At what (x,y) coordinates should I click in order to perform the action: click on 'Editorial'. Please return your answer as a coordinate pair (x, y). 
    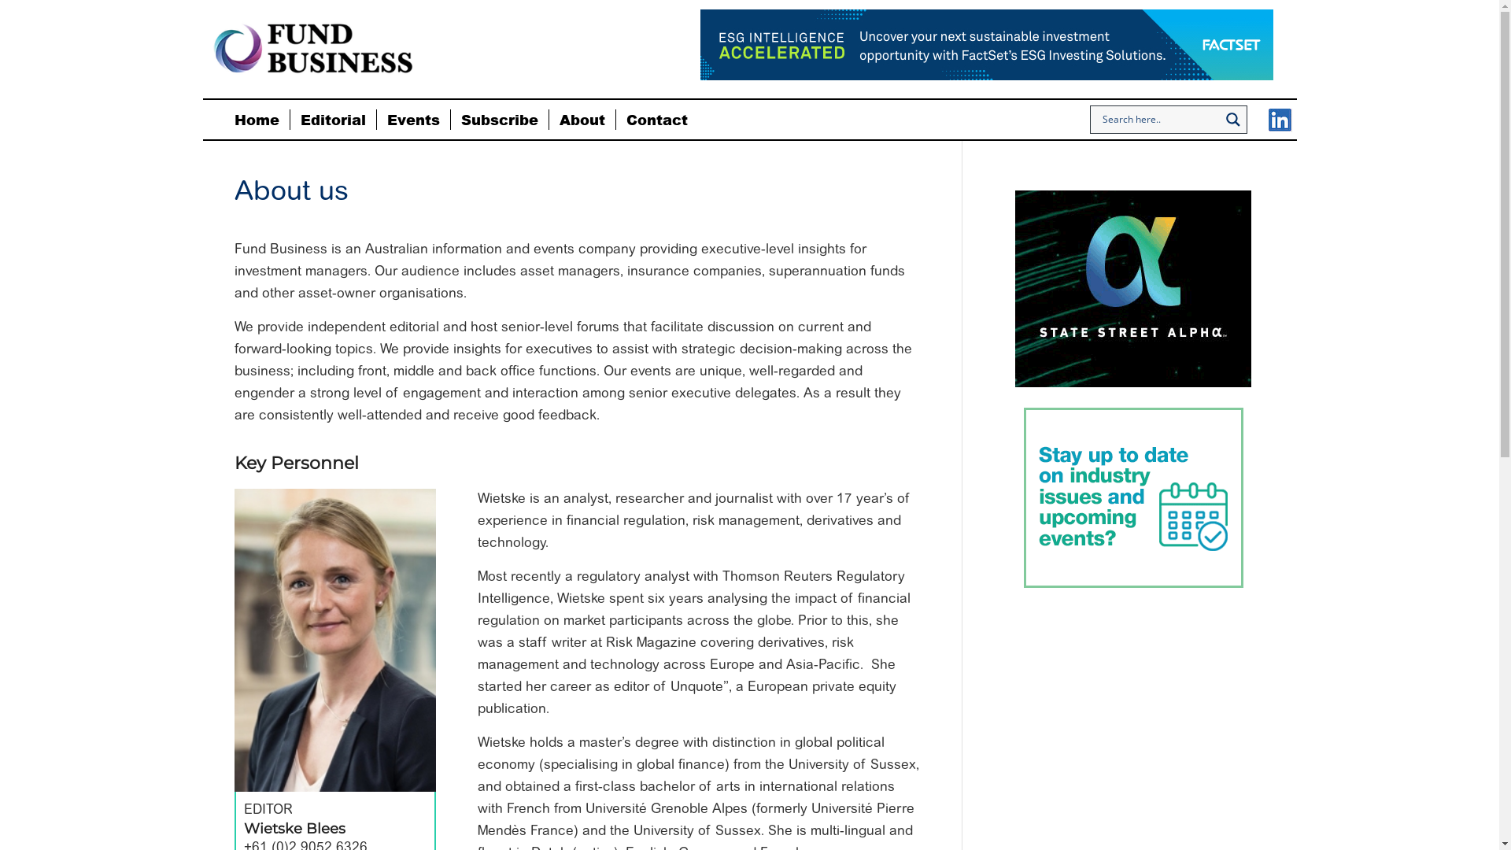
    Looking at the image, I should click on (331, 118).